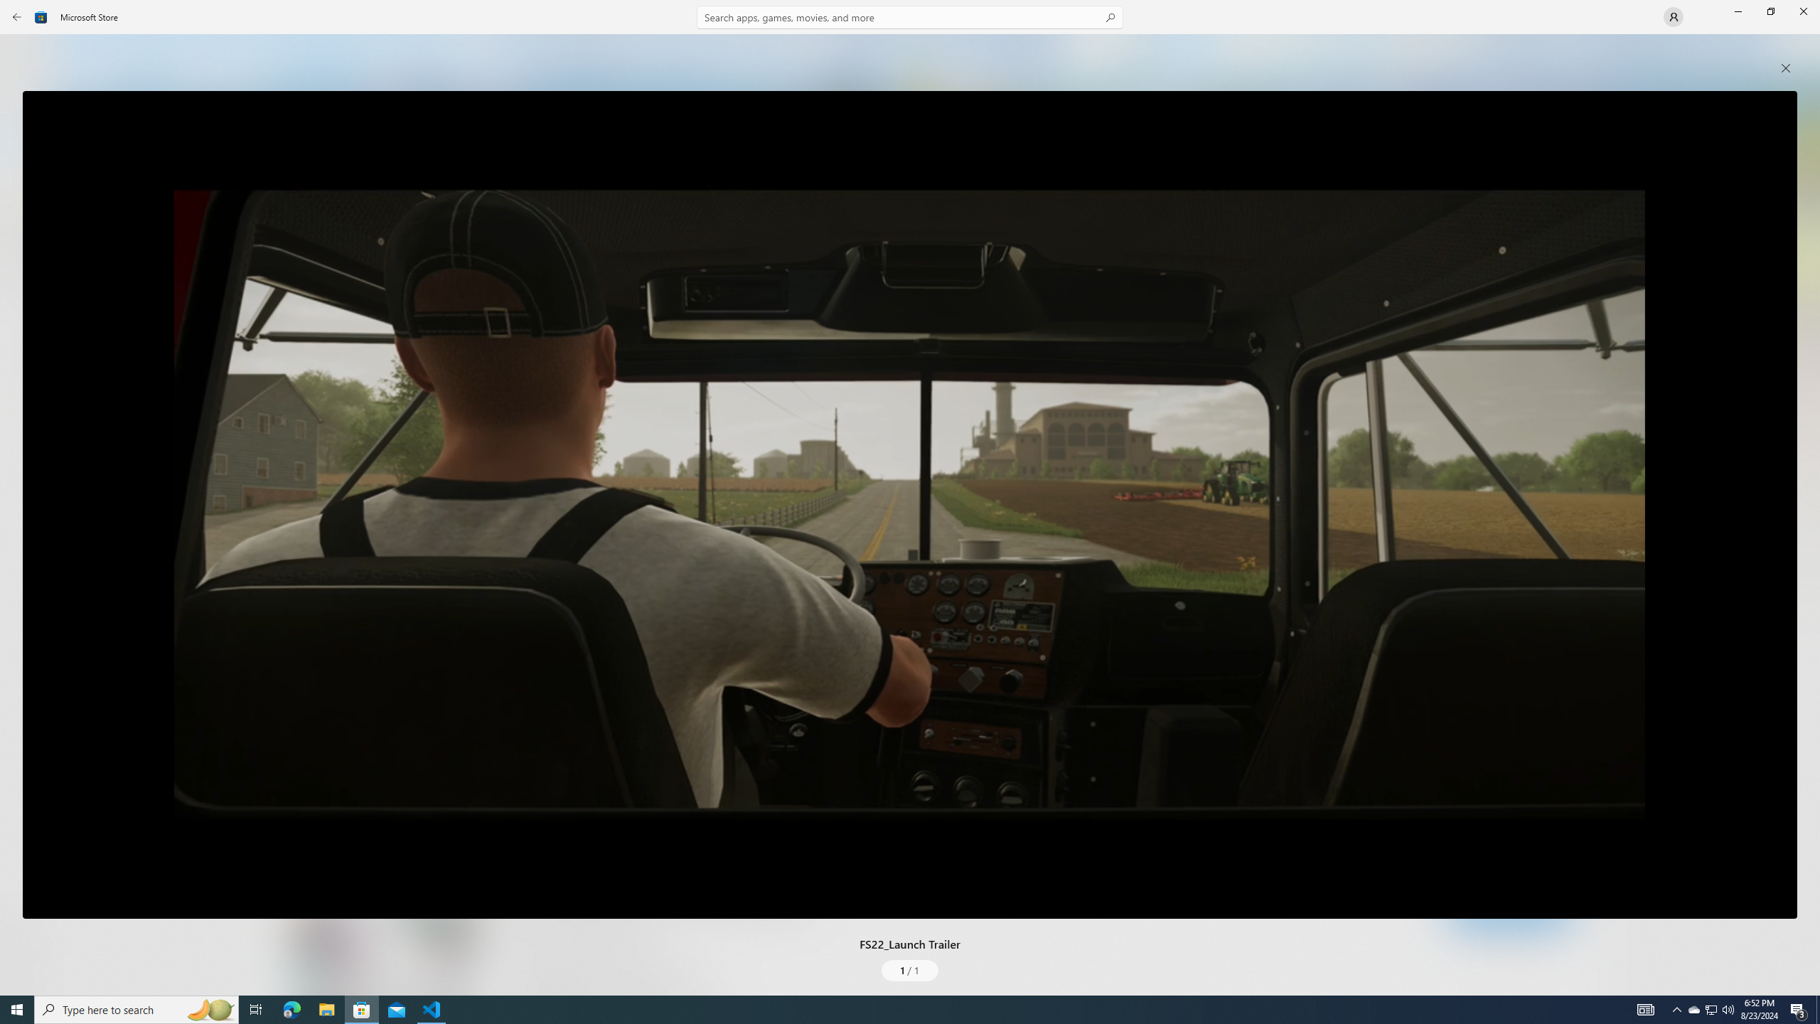  I want to click on 'Search', so click(910, 16).